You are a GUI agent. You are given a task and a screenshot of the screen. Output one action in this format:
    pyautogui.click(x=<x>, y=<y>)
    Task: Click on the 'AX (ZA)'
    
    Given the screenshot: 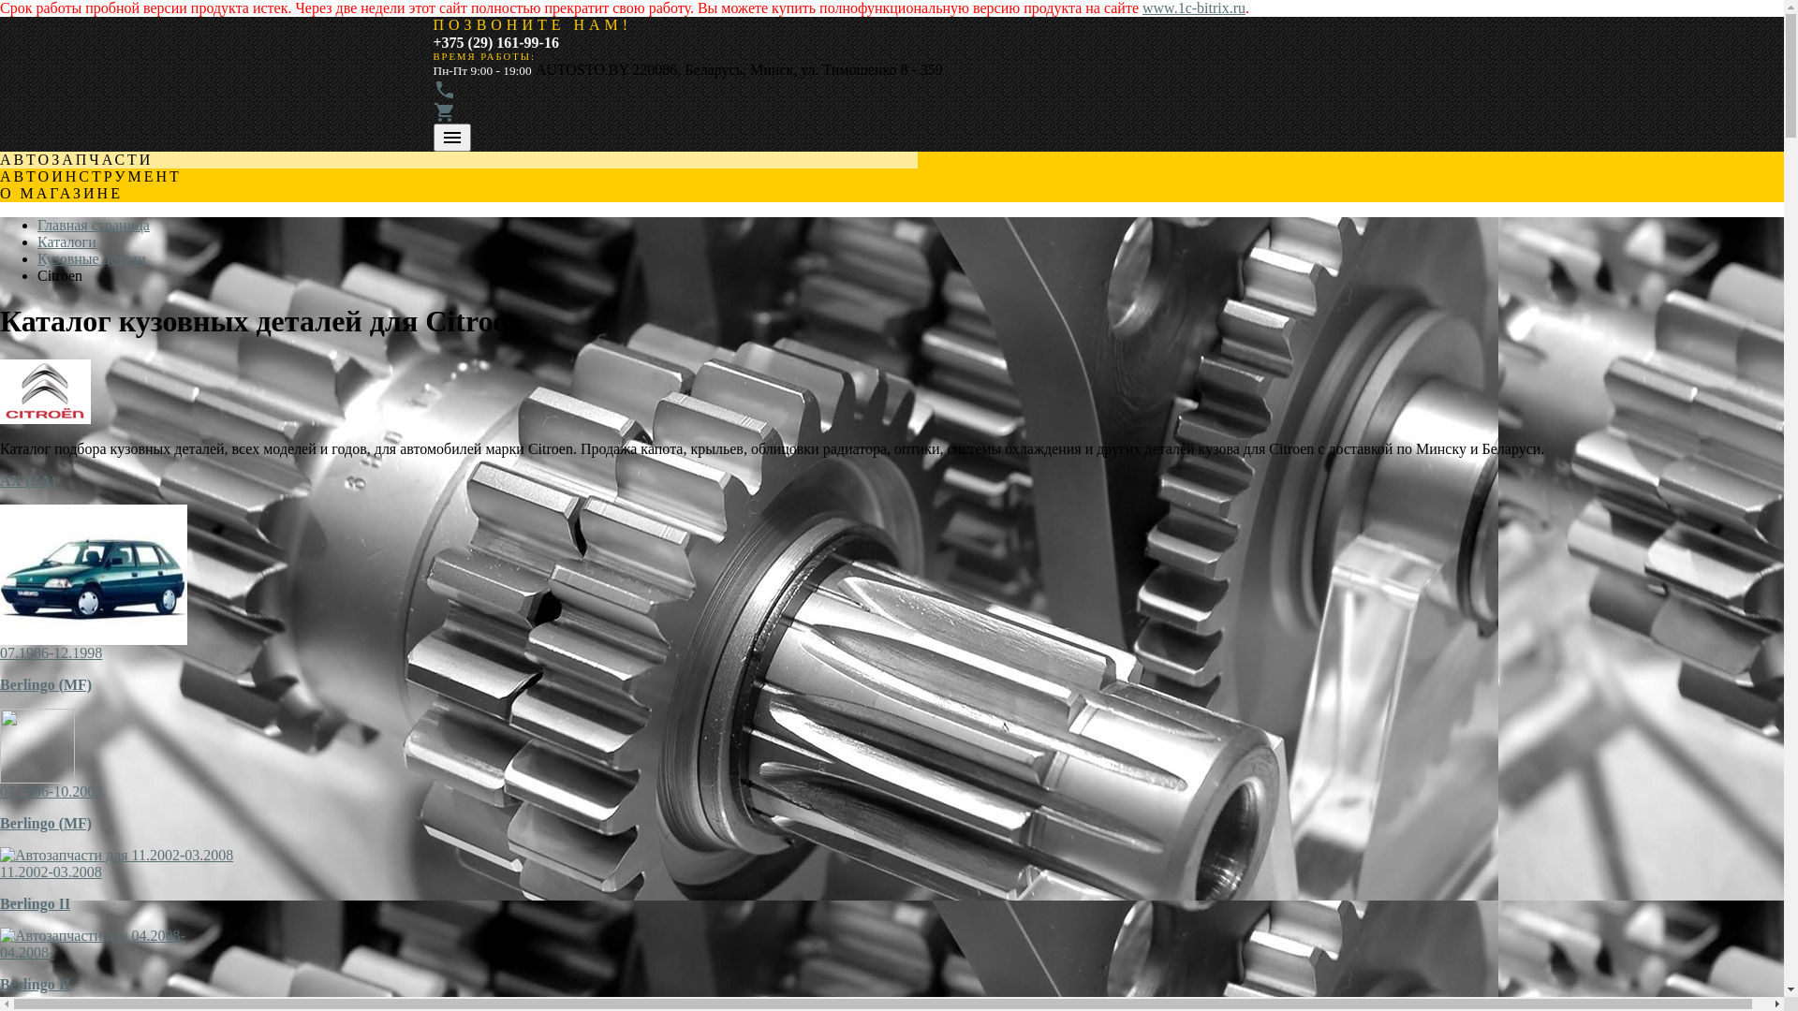 What is the action you would take?
    pyautogui.click(x=27, y=479)
    